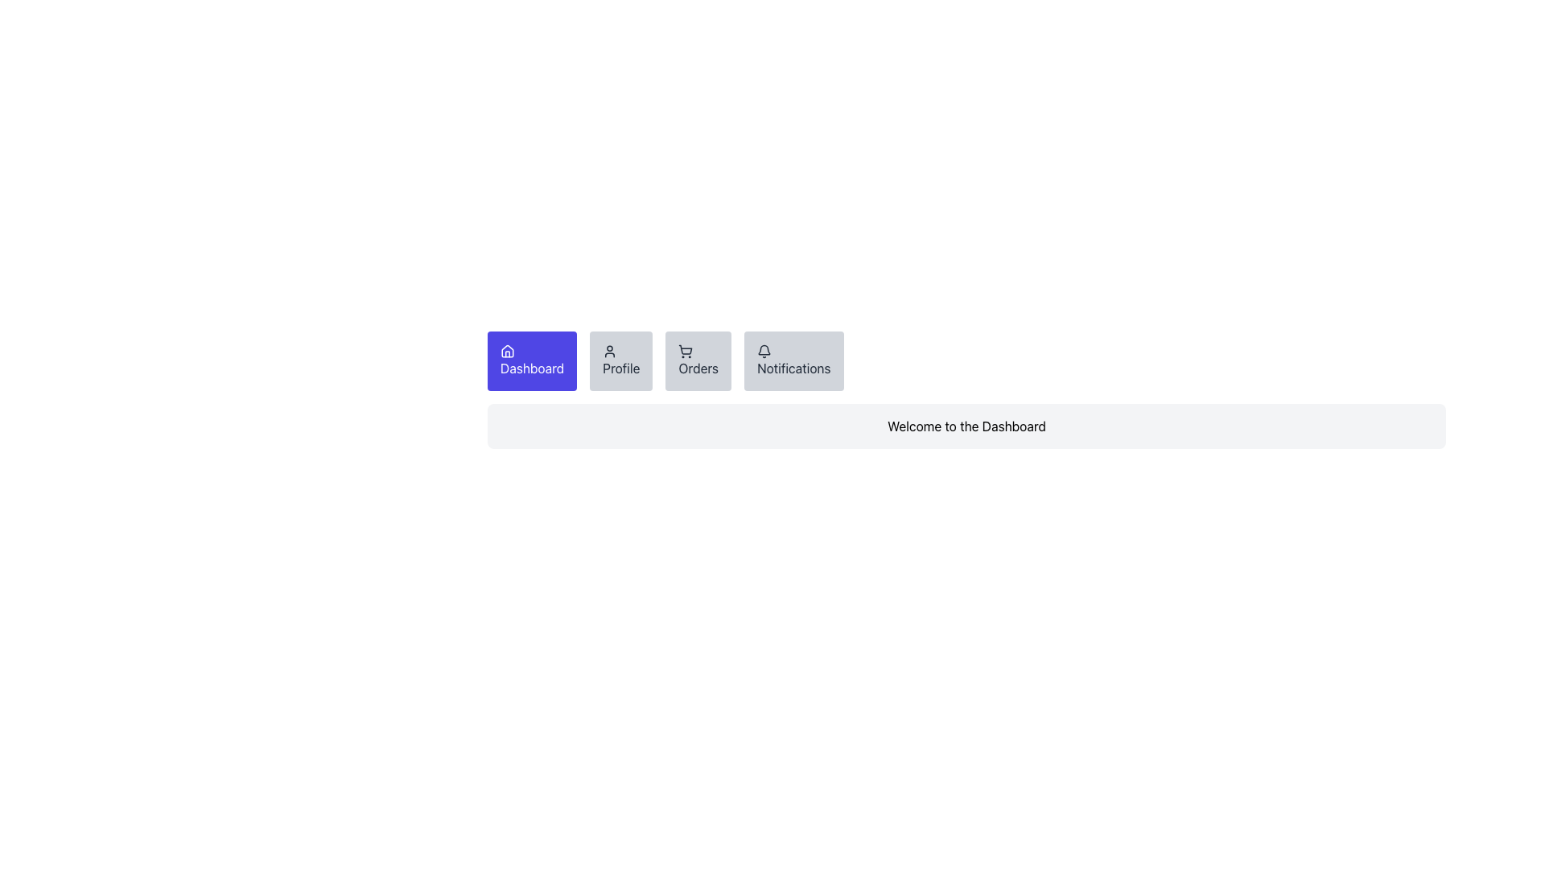 Image resolution: width=1545 pixels, height=869 pixels. I want to click on the Text block that serves as a static message or heading welcoming the user to the dashboard section, located below the row of options labeled 'Dashboard', 'Profile', 'Orders', and 'Notifications', so click(966, 425).